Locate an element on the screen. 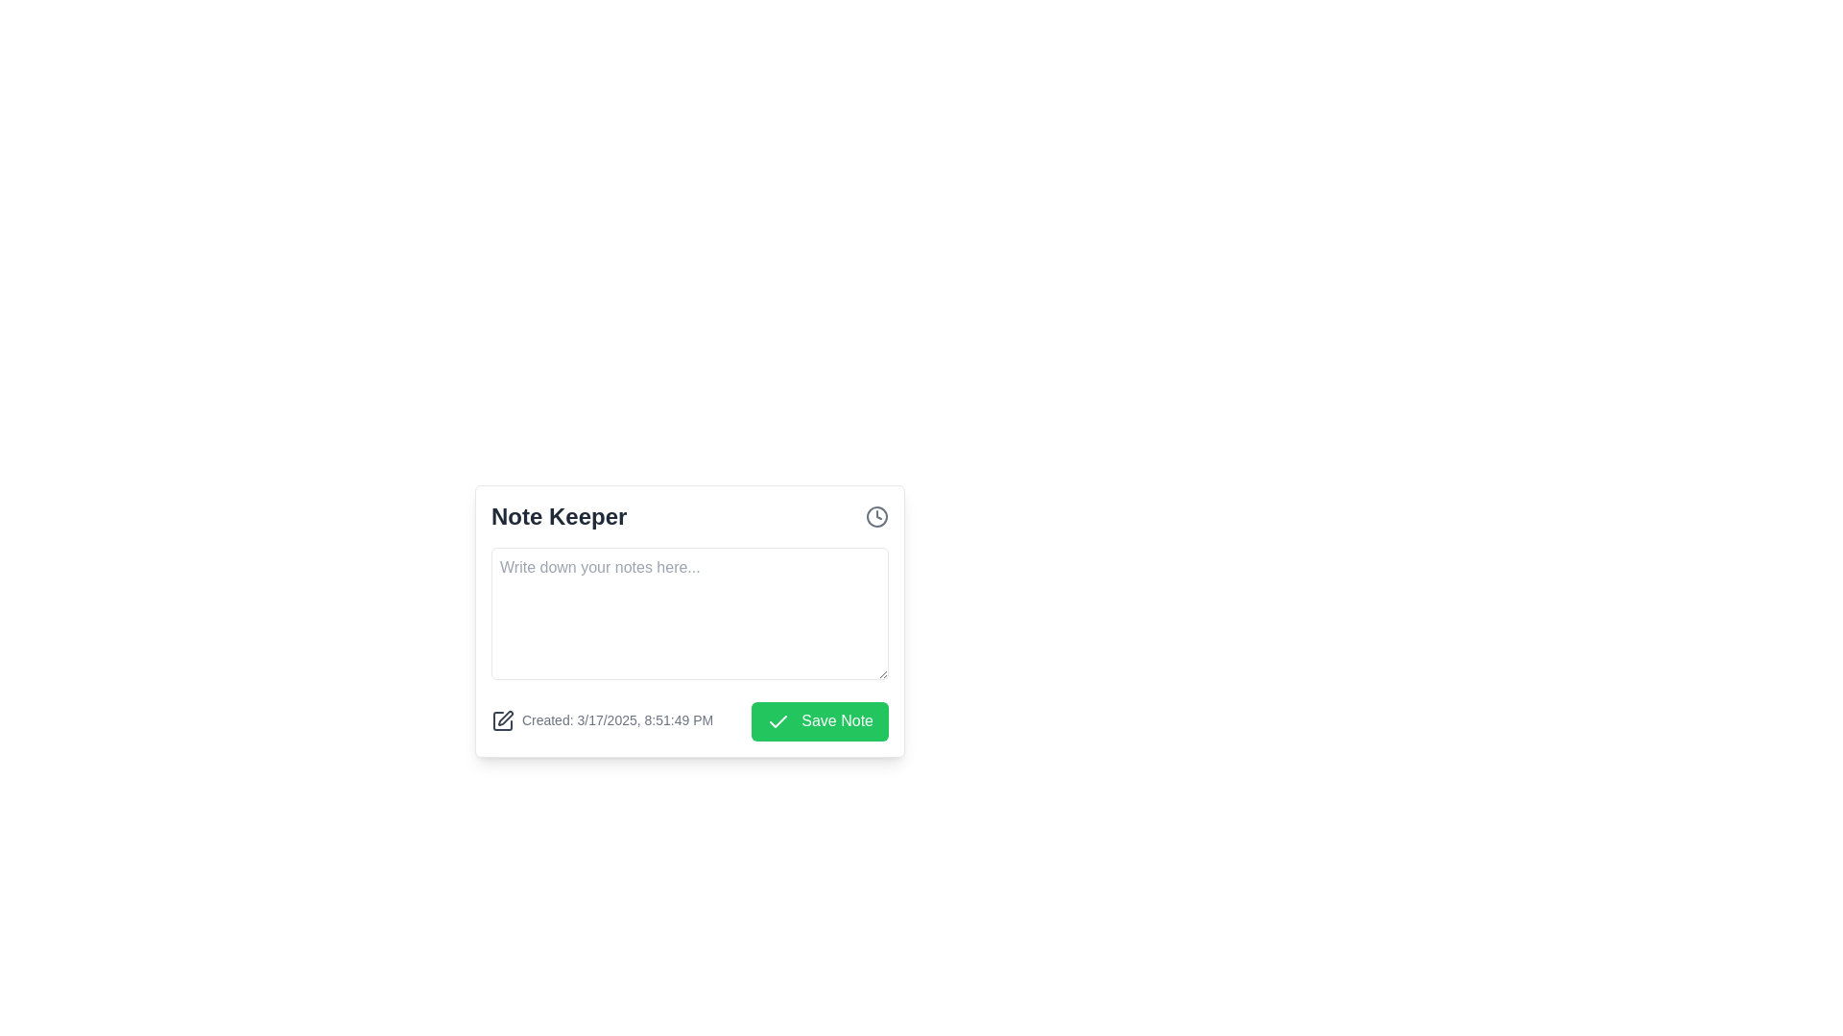  the save button located at the bottom-right corner of the 'Note Keeper' interface, next to the timestamp 'Created: 3/17/2025, 8:51:49 PM' is located at coordinates (820, 721).